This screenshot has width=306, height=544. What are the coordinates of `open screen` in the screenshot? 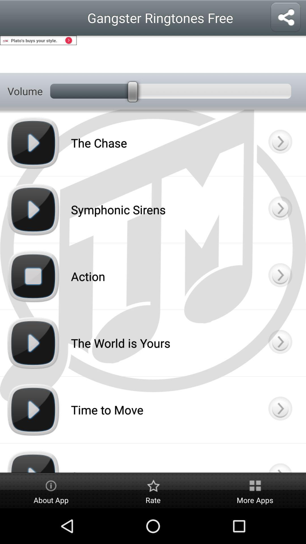 It's located at (280, 276).